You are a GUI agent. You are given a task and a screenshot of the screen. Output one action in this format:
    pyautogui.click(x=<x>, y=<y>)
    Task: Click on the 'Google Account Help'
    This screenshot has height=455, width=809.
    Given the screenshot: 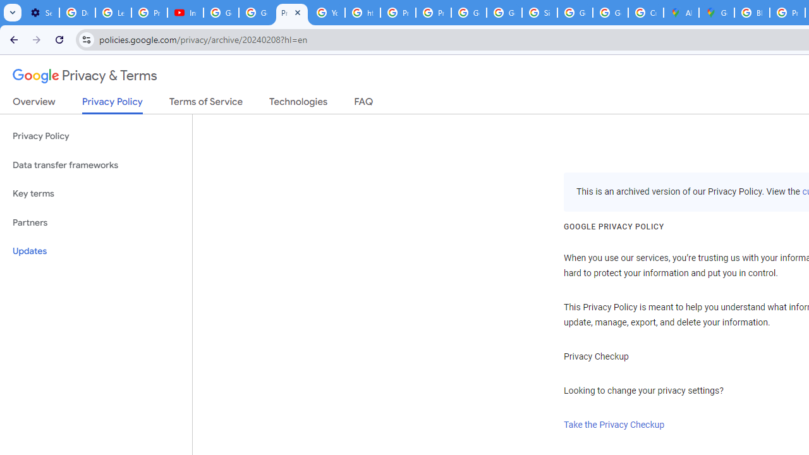 What is the action you would take?
    pyautogui.click(x=221, y=13)
    